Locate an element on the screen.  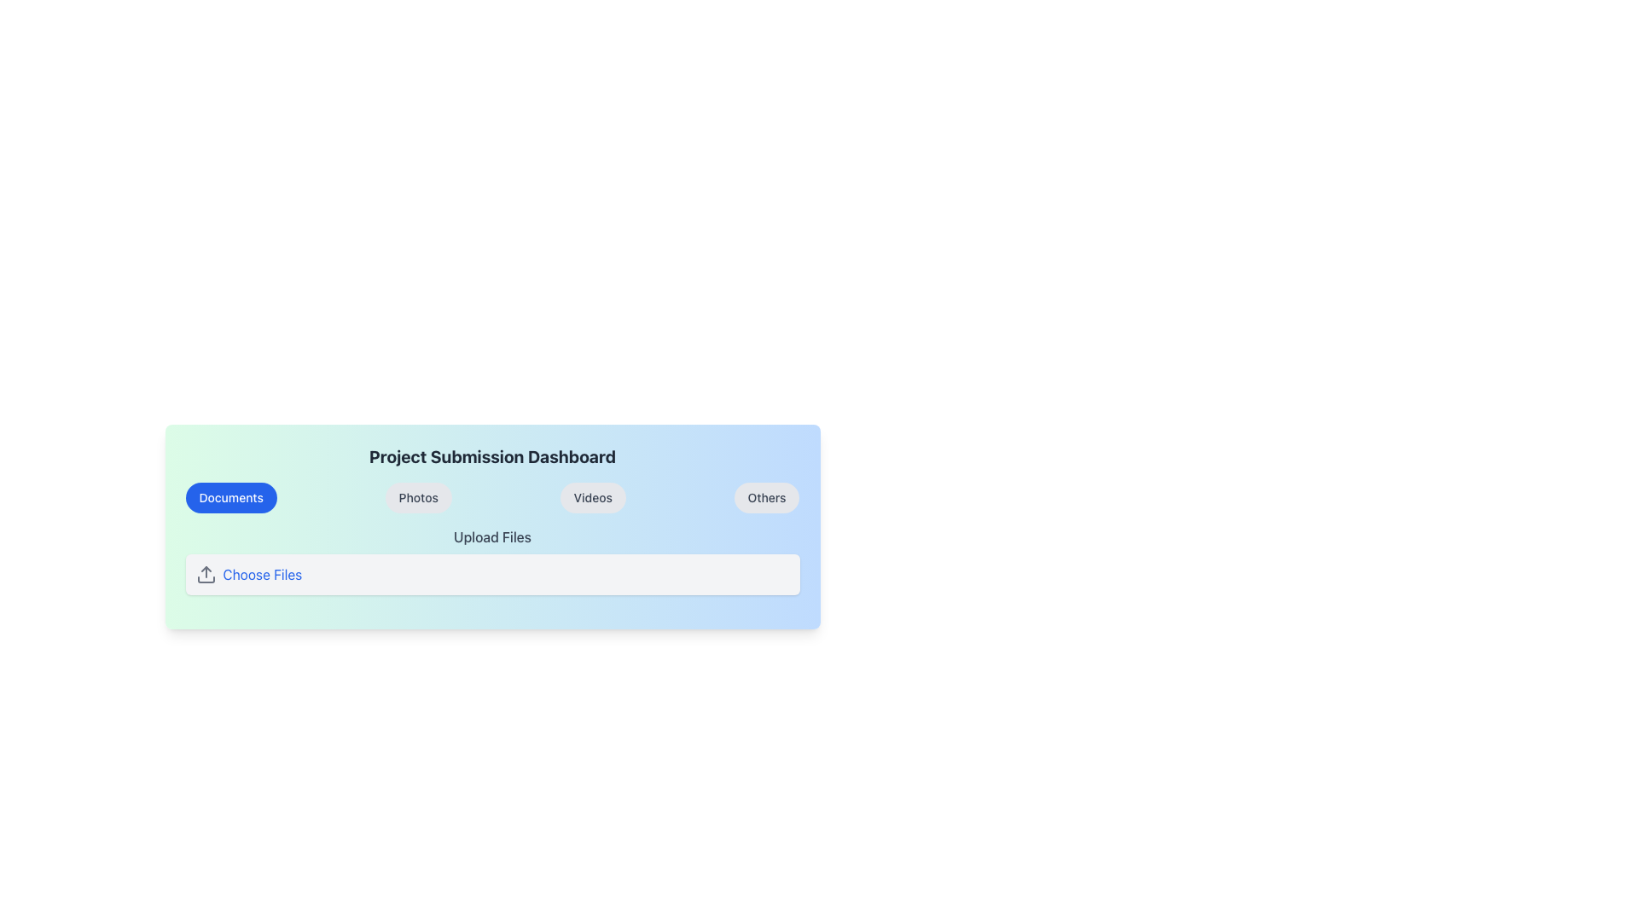
the upload icon, which is a small gray arrow pointing upwards located to the left of the 'Choose Files' button in the 'Upload Files' section is located at coordinates (205, 575).